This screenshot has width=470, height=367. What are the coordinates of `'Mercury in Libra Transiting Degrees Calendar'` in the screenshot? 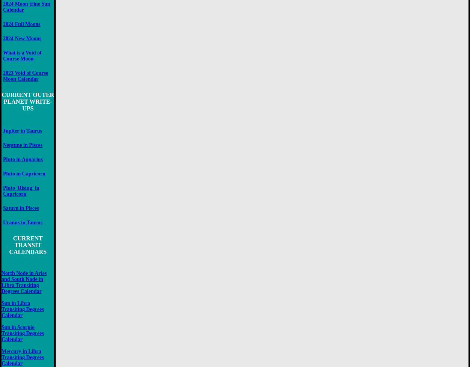 It's located at (23, 356).